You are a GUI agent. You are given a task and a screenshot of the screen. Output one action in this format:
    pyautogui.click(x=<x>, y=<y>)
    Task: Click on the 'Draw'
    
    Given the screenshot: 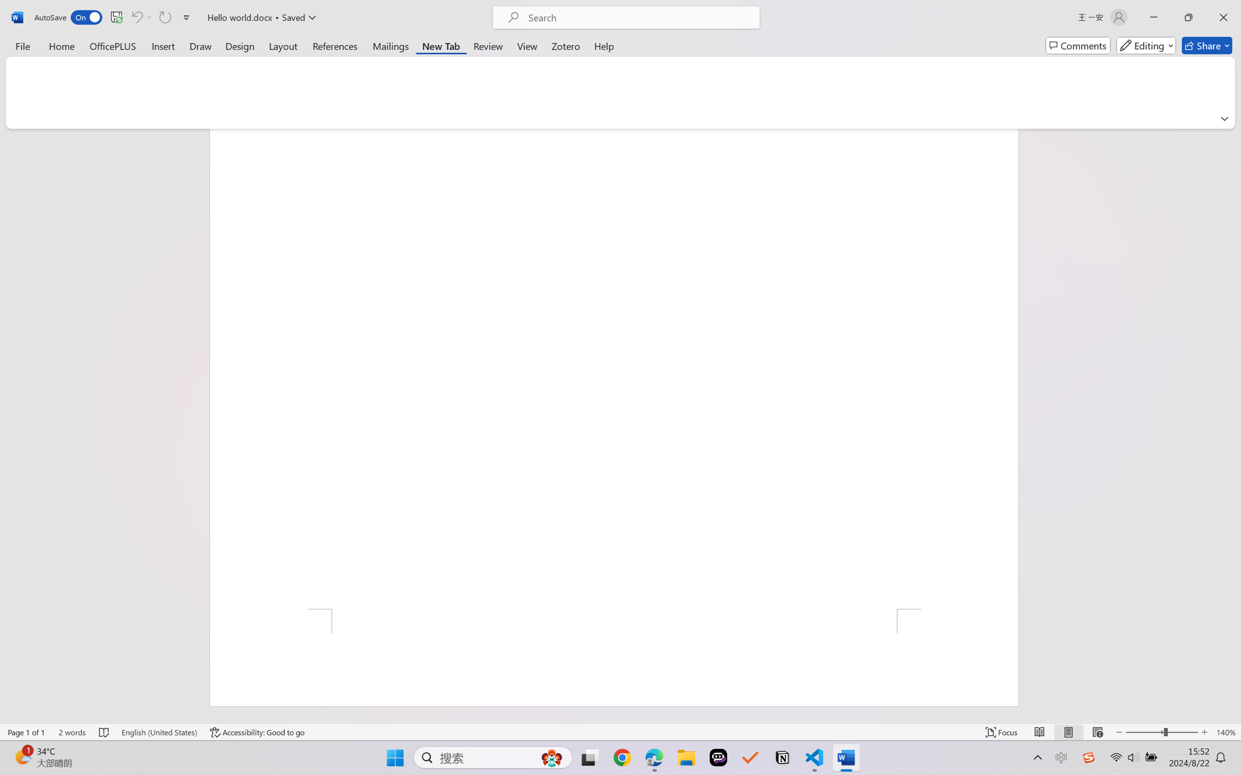 What is the action you would take?
    pyautogui.click(x=201, y=45)
    